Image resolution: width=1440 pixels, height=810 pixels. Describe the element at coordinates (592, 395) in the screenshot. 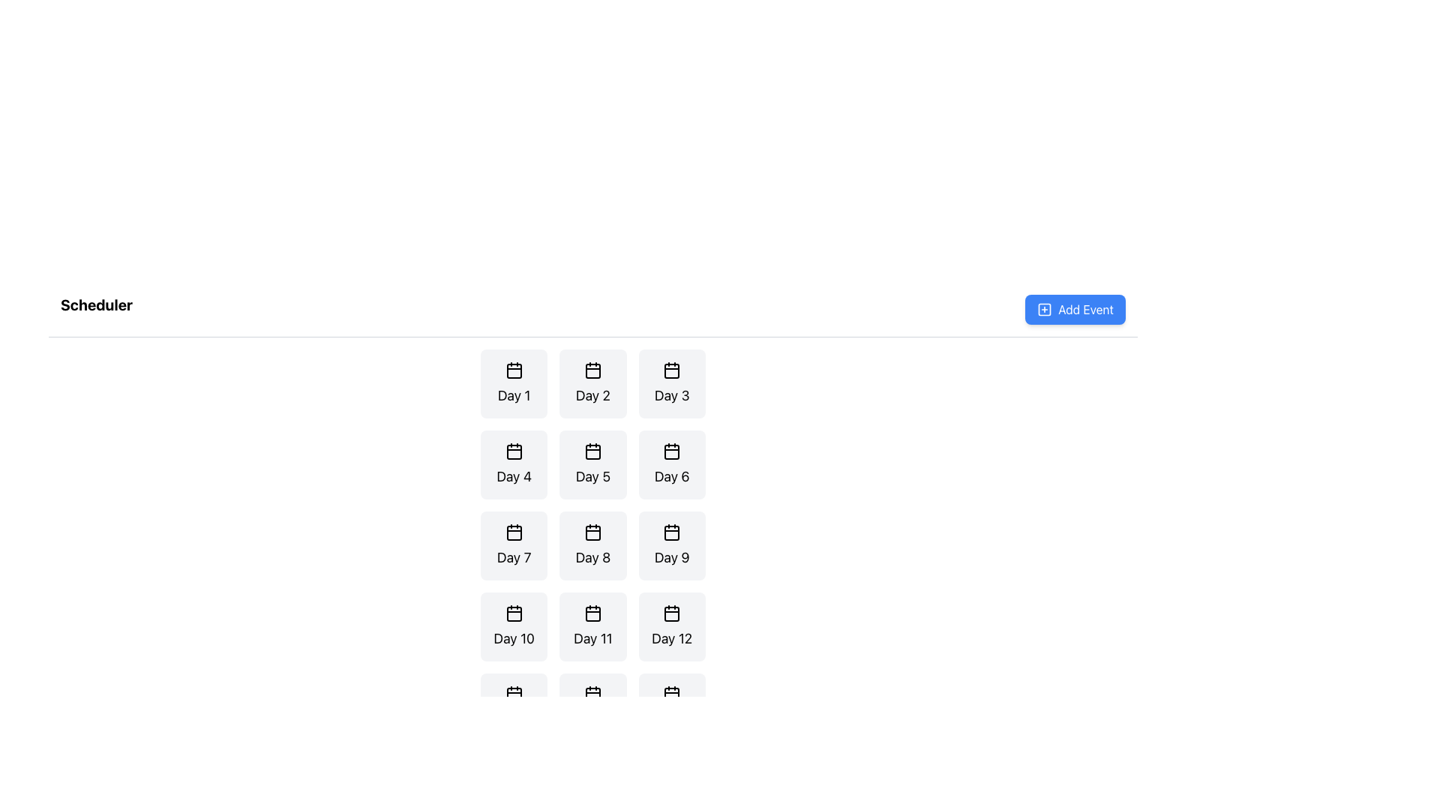

I see `the 'Day 2' text label, which is the second item in the first row of a grid structure` at that location.